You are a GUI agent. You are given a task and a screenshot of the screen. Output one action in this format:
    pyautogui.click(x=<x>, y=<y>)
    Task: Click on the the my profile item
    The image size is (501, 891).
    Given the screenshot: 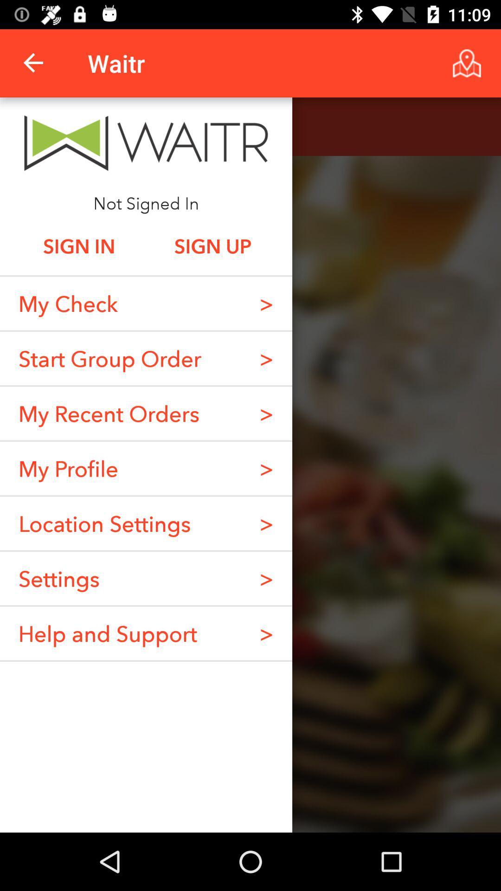 What is the action you would take?
    pyautogui.click(x=68, y=468)
    